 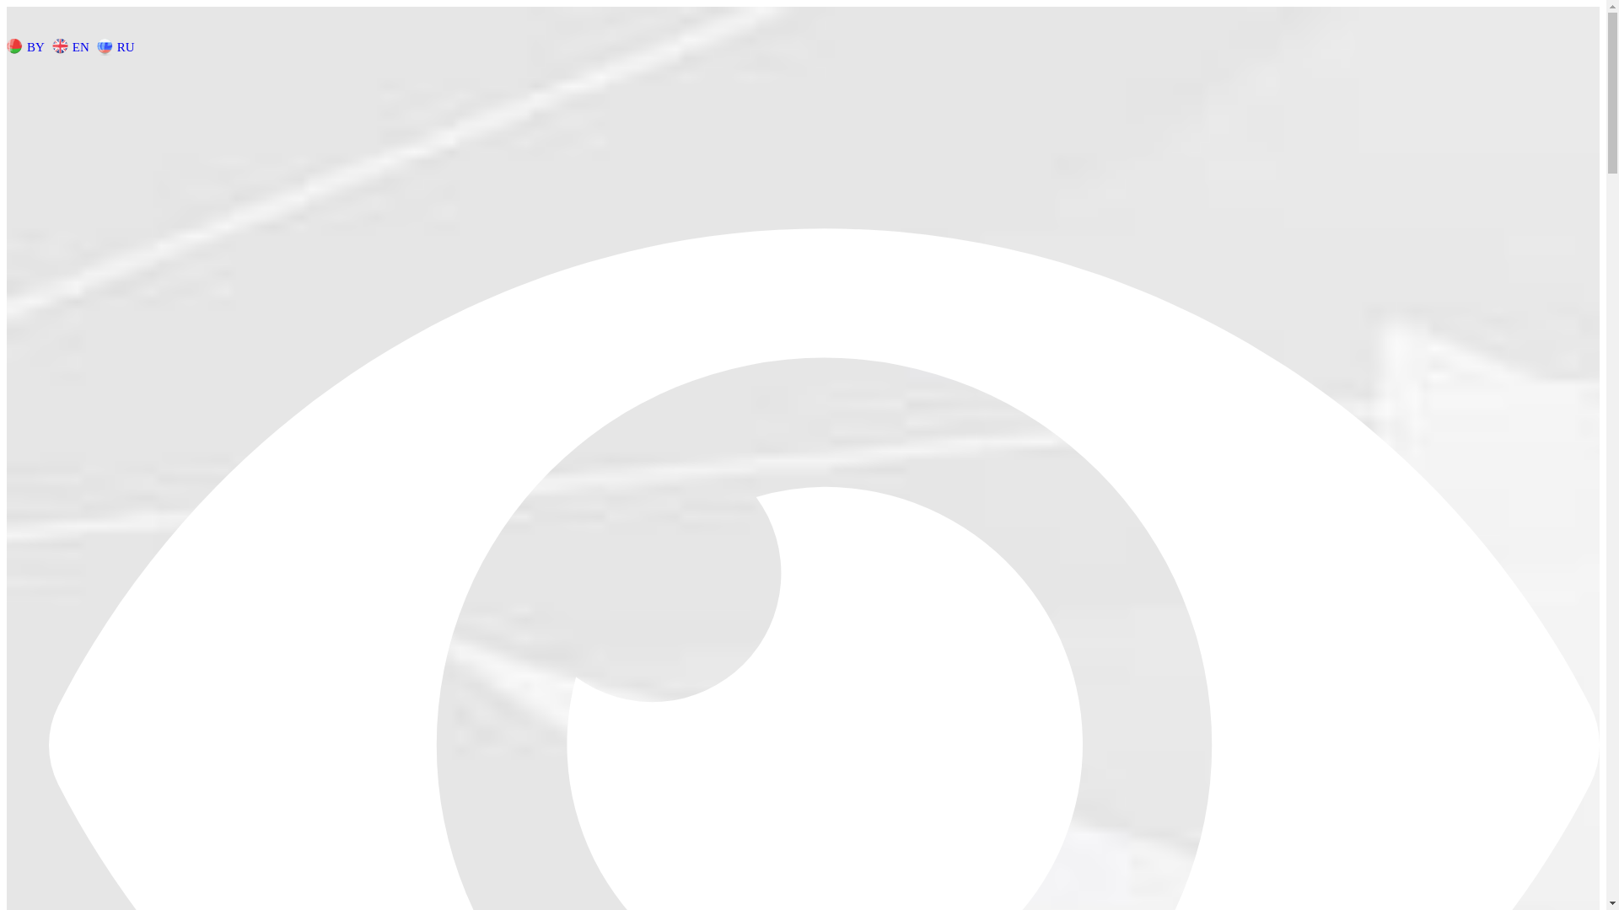 I want to click on 'EN', so click(x=72, y=45).